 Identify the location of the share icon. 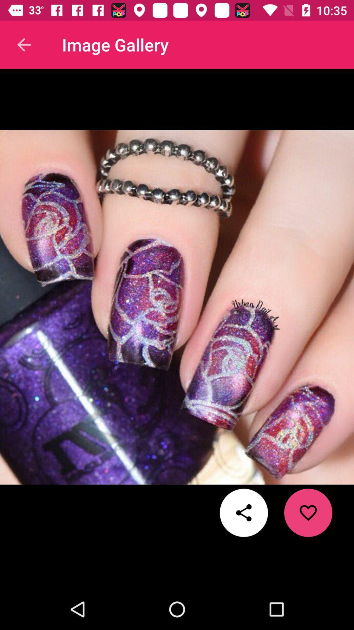
(244, 513).